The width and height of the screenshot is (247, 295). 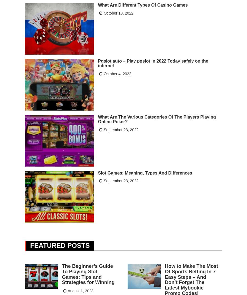 What do you see at coordinates (145, 172) in the screenshot?
I see `'Slot Games: Meaning, Types And Differences'` at bounding box center [145, 172].